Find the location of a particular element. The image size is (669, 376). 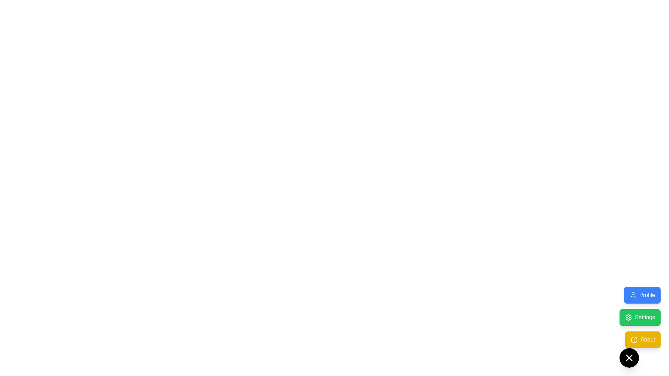

the settings button located in the bottom-right area of the interface, positioned between the blue 'Profile' button above and the yellow 'About' button below is located at coordinates (640, 327).